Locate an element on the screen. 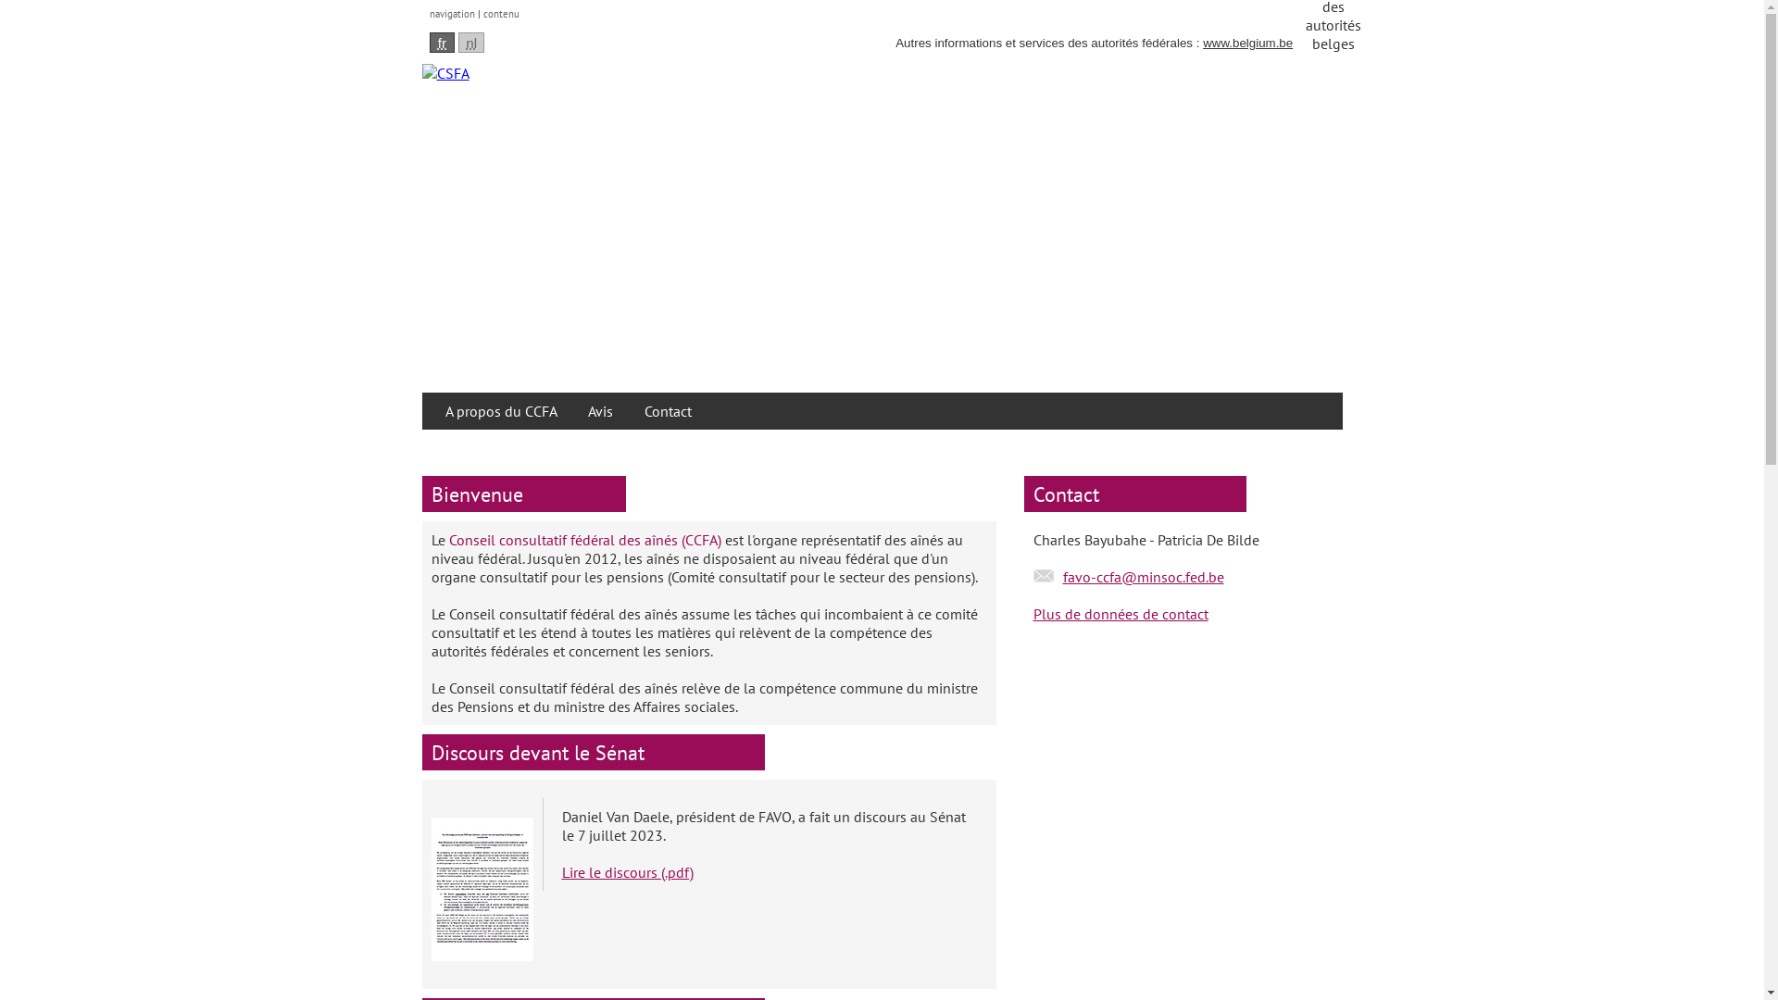 The width and height of the screenshot is (1778, 1000). 'Lire le discours (.pdf)' is located at coordinates (626, 871).